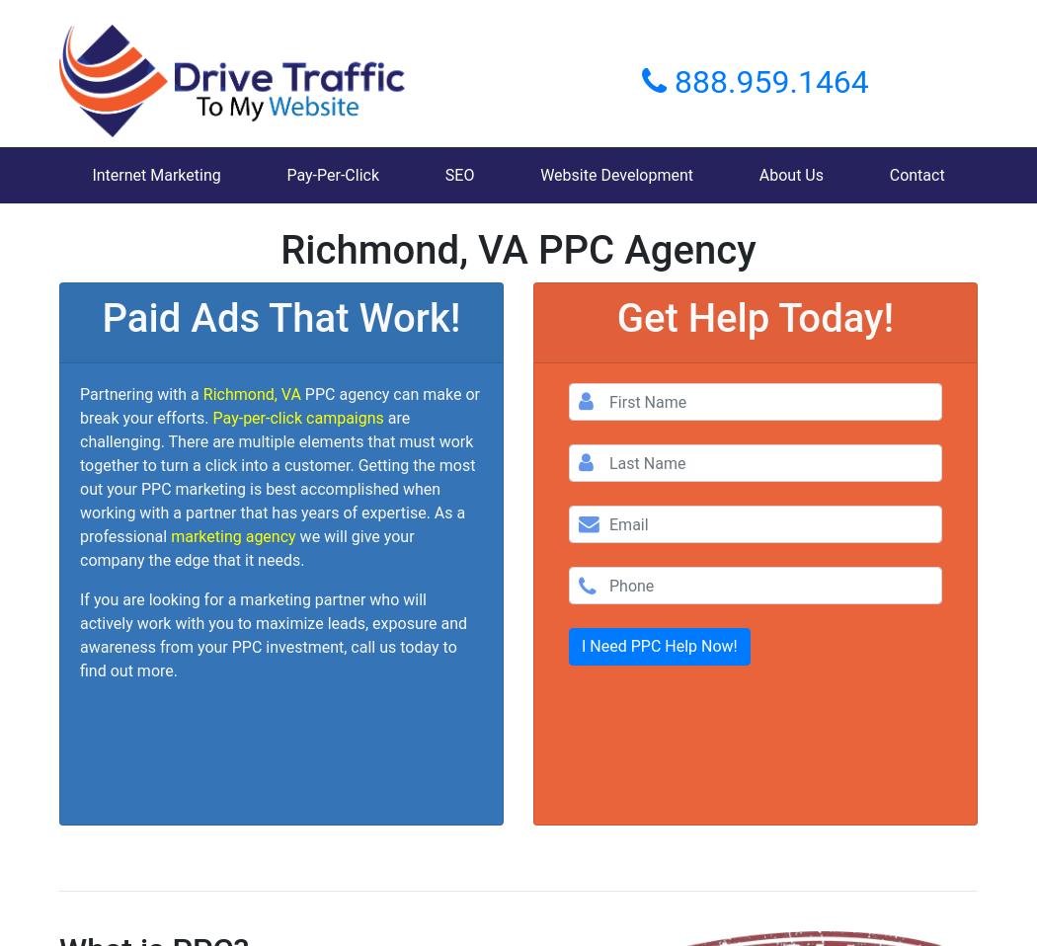  Describe the element at coordinates (616, 174) in the screenshot. I see `'Website Development'` at that location.